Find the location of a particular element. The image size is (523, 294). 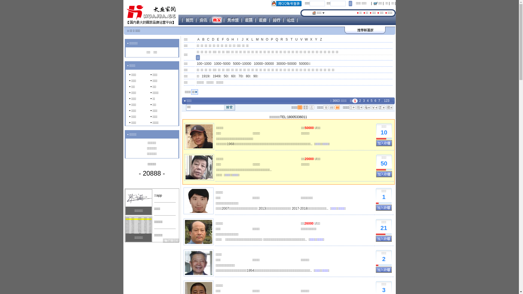

'N' is located at coordinates (262, 39).